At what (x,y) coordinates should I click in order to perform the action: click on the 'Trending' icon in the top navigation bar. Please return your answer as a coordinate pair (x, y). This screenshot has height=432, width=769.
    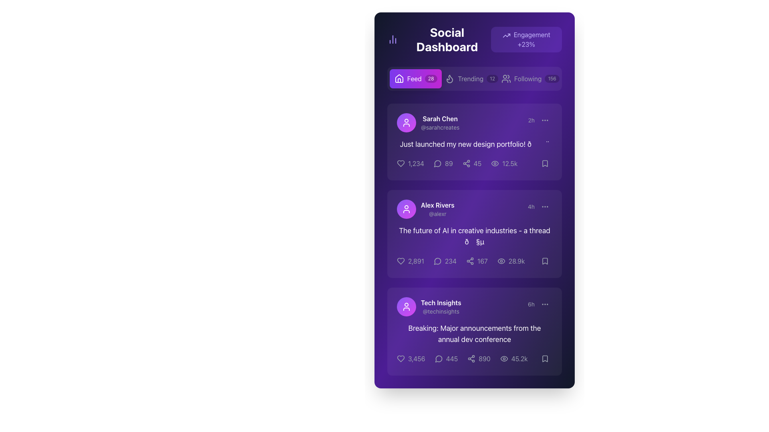
    Looking at the image, I should click on (450, 79).